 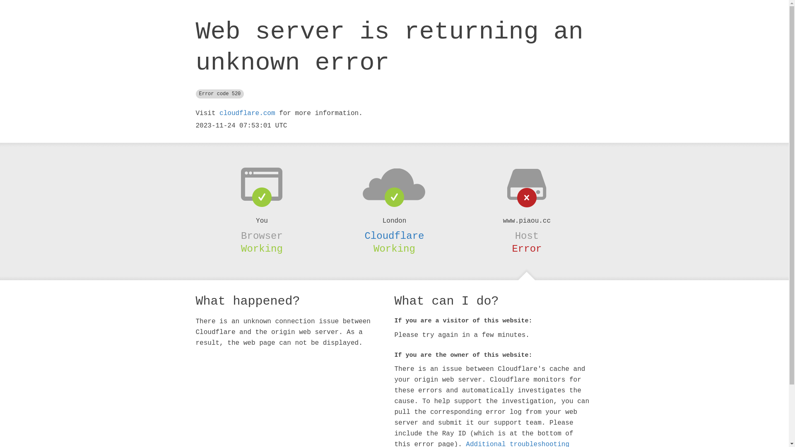 I want to click on 'cloudflare.com', so click(x=246, y=113).